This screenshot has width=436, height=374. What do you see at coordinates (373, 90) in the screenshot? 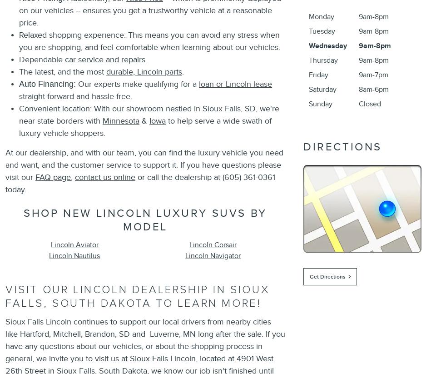
I see `'8am-6pm'` at bounding box center [373, 90].